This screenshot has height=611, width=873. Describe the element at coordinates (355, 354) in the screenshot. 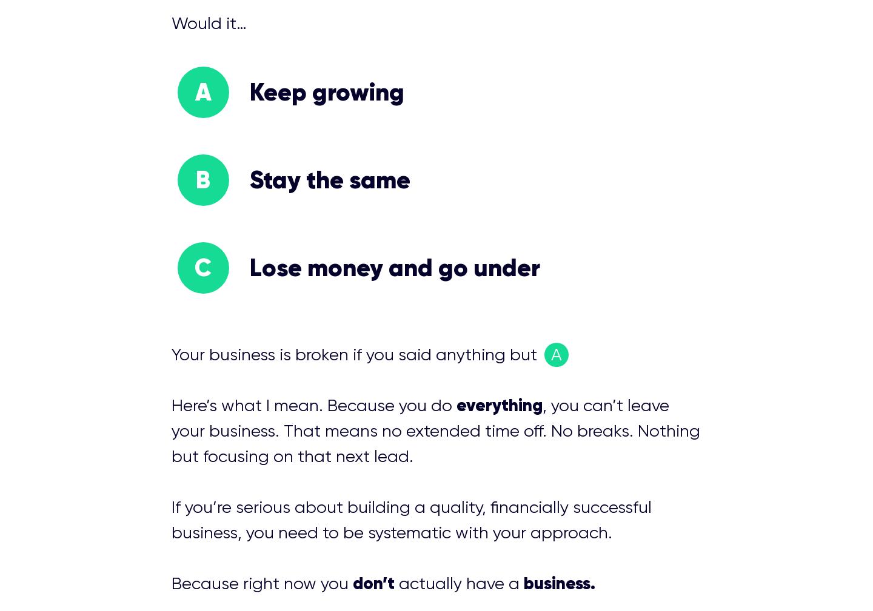

I see `'Your business is broken if you said anything but'` at that location.